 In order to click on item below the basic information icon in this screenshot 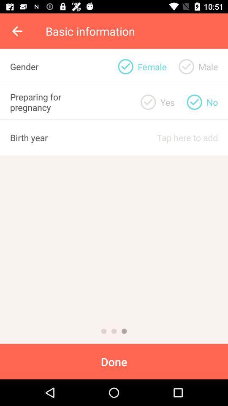, I will do `click(186, 66)`.